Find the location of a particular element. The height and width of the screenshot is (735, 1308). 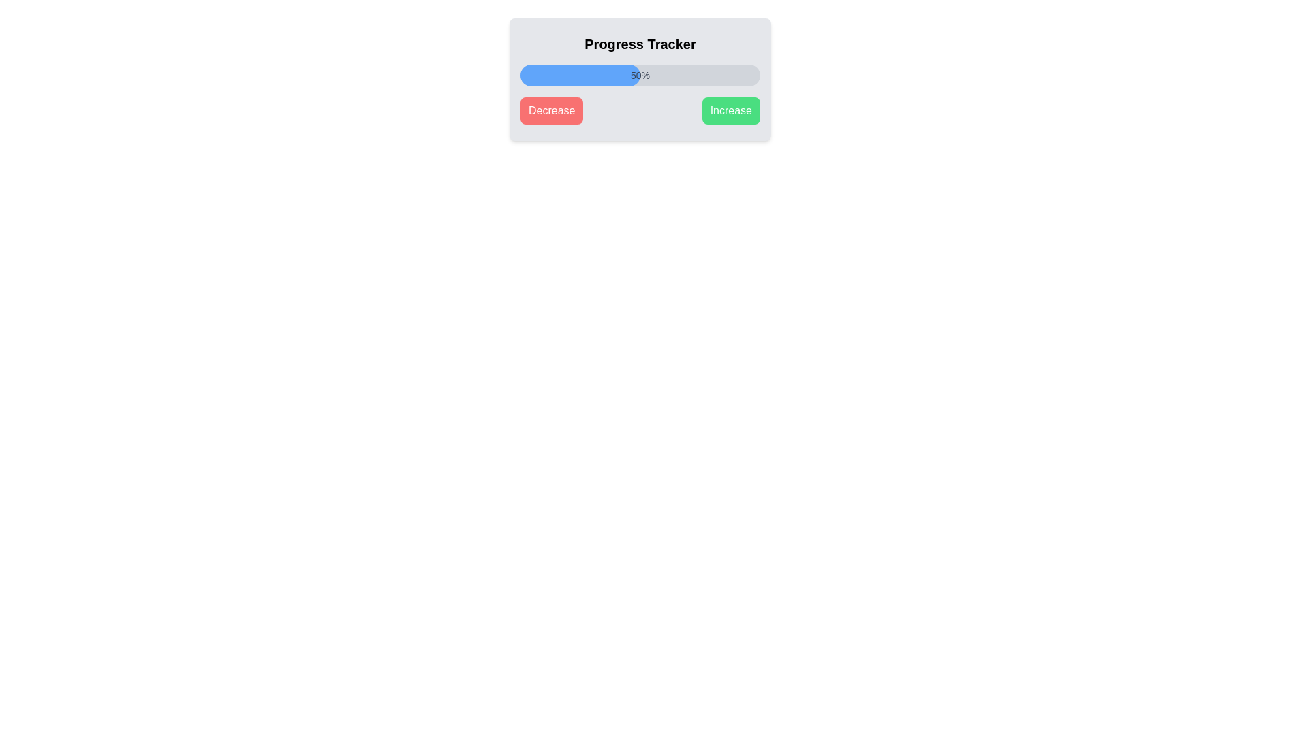

the progress indicator which visually represents the current progress in the progress tracker, located within a horizontal progress bar under the title 'Progress Tracker' is located at coordinates (580, 76).